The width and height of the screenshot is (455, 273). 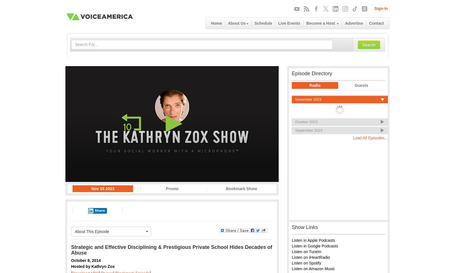 I want to click on 'Become a Host', so click(x=321, y=23).